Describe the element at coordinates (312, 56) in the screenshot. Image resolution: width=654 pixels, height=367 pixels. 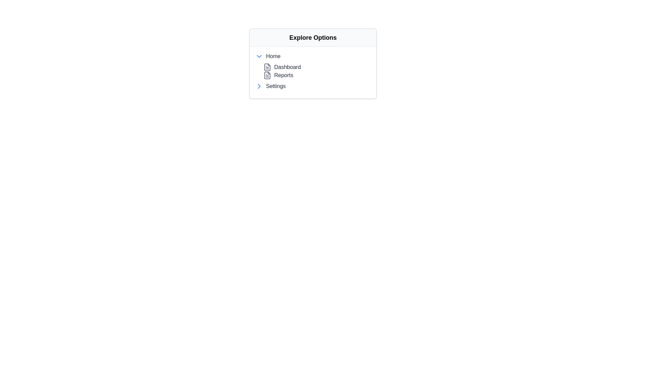
I see `the 'Home' menu item, which is the first item in the navigation menu under 'Explore Options'` at that location.